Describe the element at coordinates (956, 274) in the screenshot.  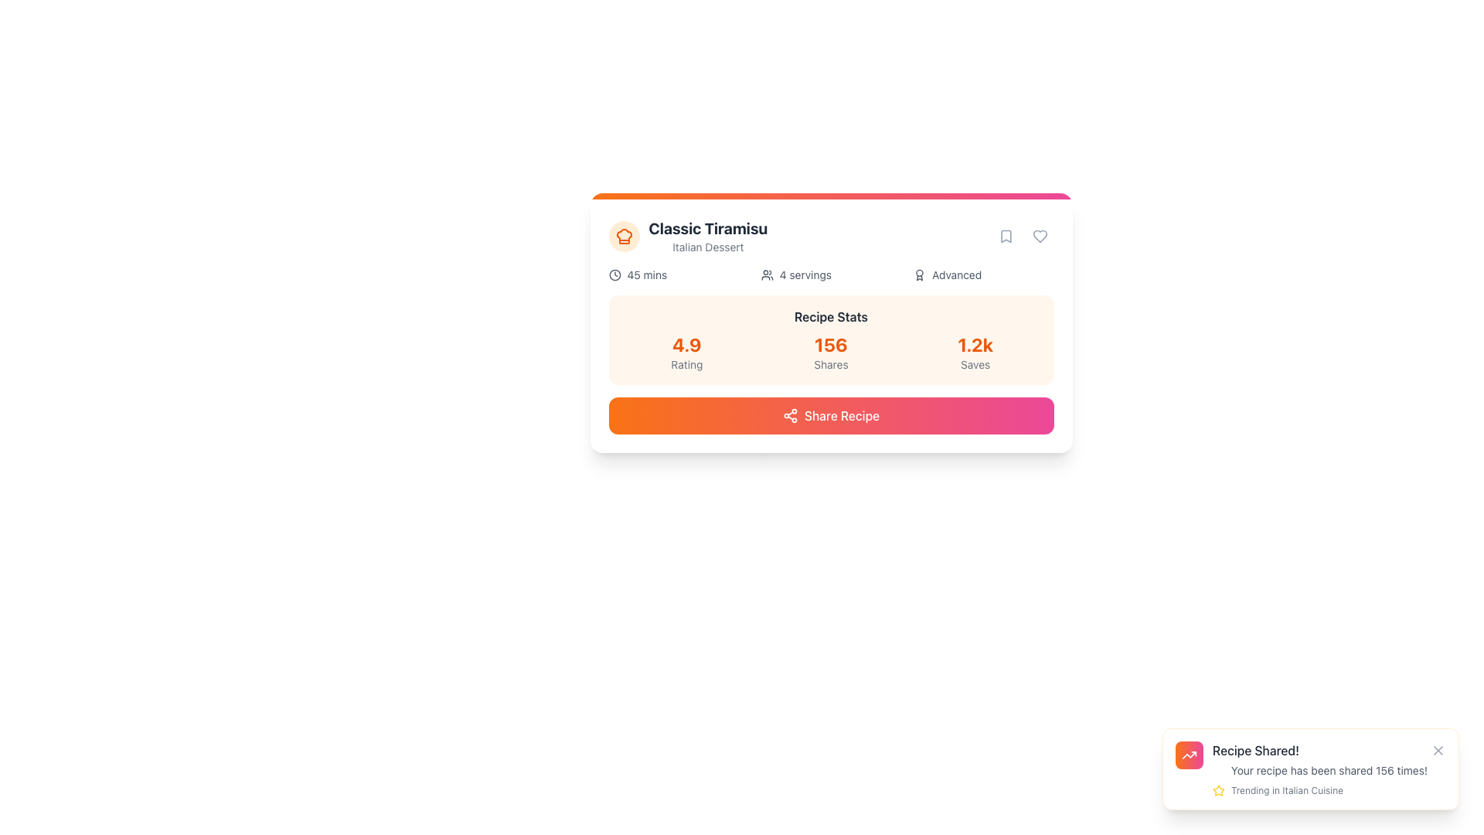
I see `the text label displaying 'Advanced' in gray color, which is located to the right of an award medal icon in the upper-right part of the dessert recipe card` at that location.